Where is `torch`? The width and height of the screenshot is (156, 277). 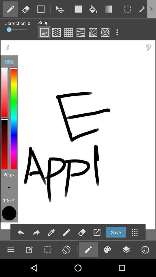 torch is located at coordinates (142, 9).